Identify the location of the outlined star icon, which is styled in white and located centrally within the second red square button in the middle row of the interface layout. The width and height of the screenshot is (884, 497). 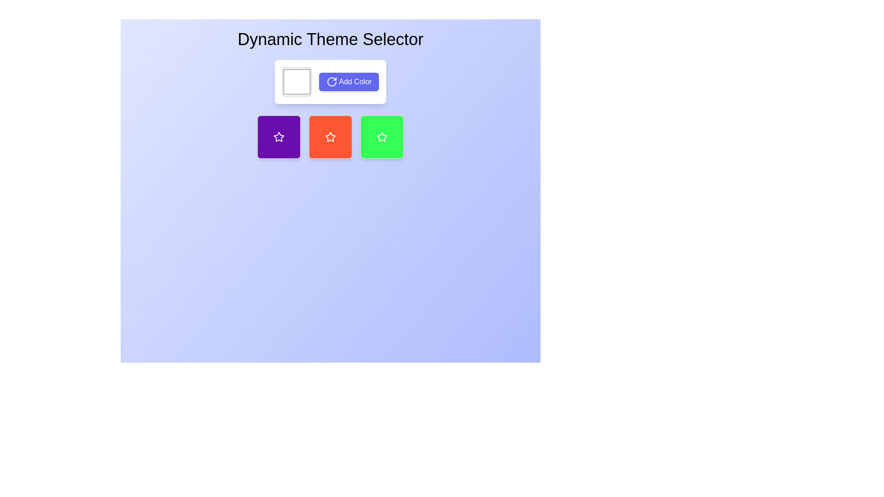
(331, 137).